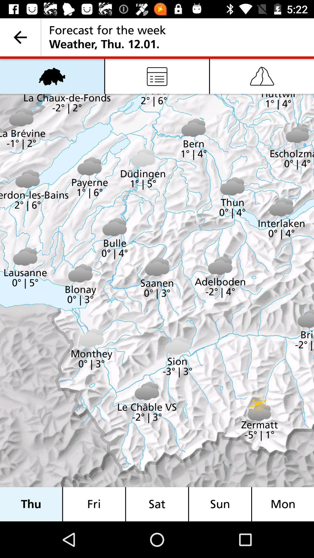 This screenshot has height=558, width=314. Describe the element at coordinates (94, 504) in the screenshot. I see `the item next to sat` at that location.